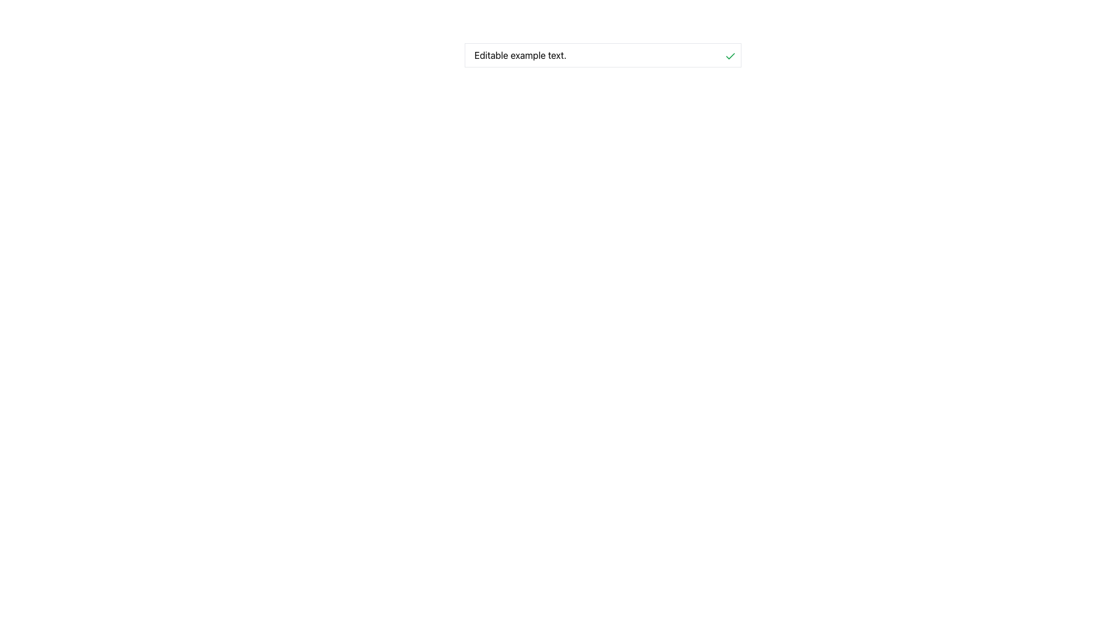 Image resolution: width=1107 pixels, height=623 pixels. I want to click on the check mark icon located to the right of the text field with placeholder 'Editable example text', indicating confirmation or success, so click(730, 55).